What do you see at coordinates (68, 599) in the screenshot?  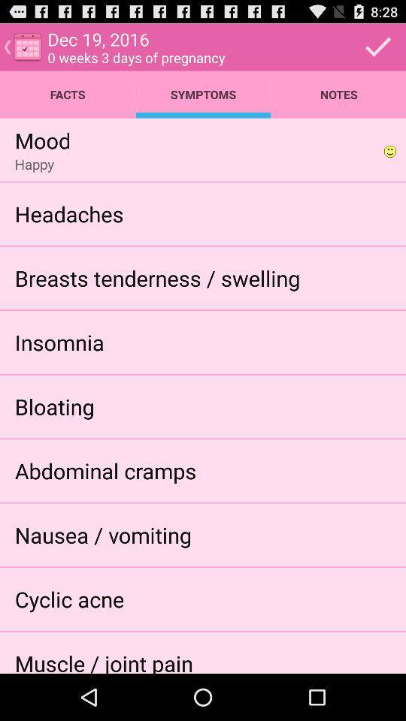 I see `cyclic acne item` at bounding box center [68, 599].